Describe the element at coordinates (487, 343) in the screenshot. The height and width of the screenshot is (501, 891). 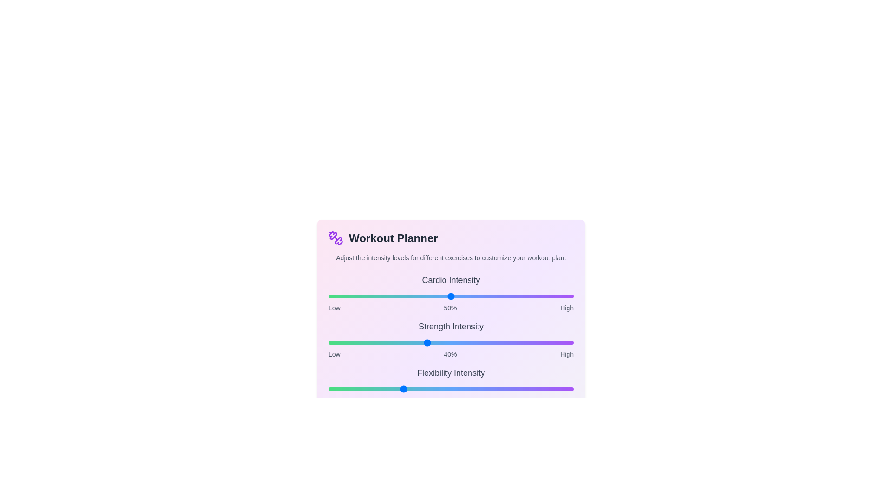
I see `the intensity of the 1 slider to 65%` at that location.